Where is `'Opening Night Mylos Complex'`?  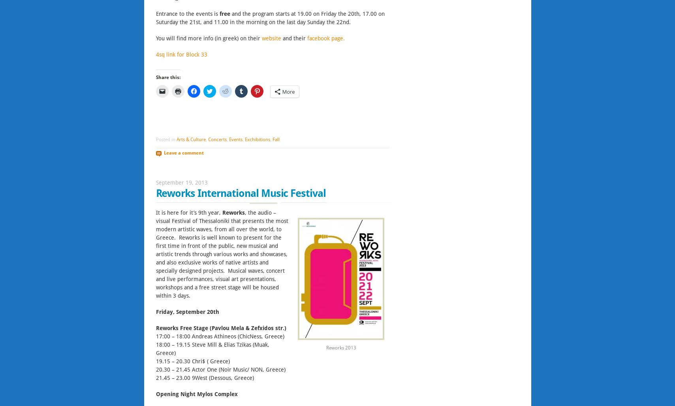
'Opening Night Mylos Complex' is located at coordinates (197, 393).